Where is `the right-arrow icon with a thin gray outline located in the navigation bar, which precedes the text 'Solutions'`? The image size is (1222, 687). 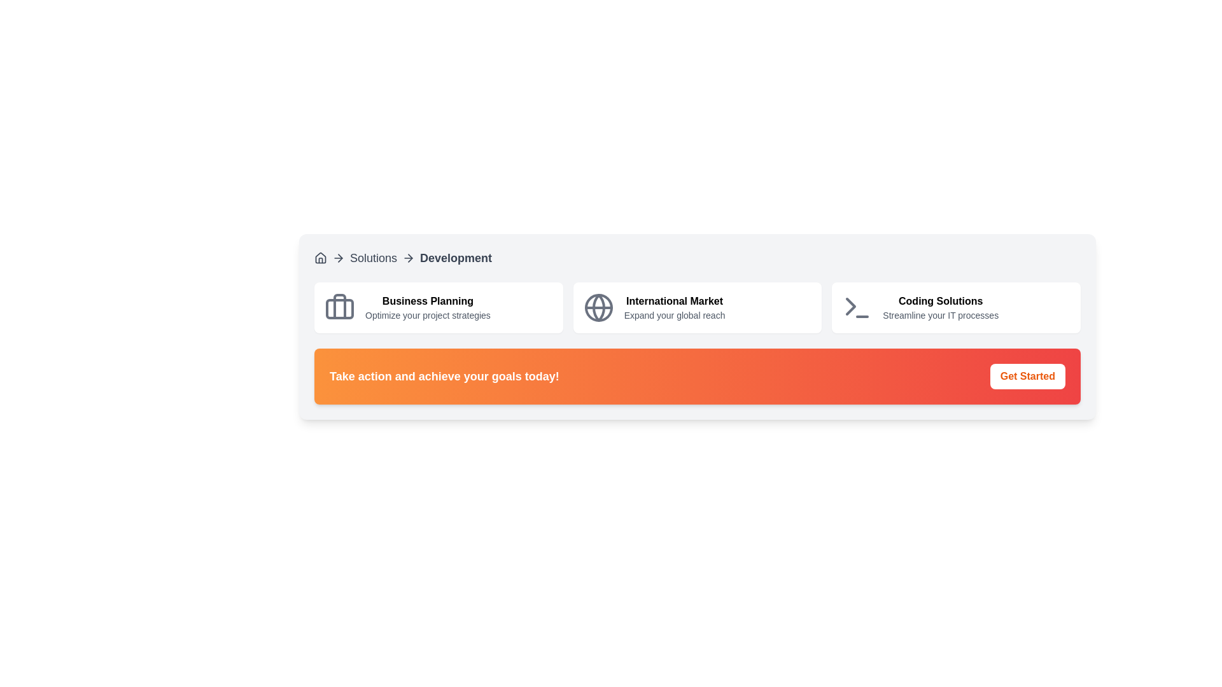
the right-arrow icon with a thin gray outline located in the navigation bar, which precedes the text 'Solutions' is located at coordinates (339, 258).